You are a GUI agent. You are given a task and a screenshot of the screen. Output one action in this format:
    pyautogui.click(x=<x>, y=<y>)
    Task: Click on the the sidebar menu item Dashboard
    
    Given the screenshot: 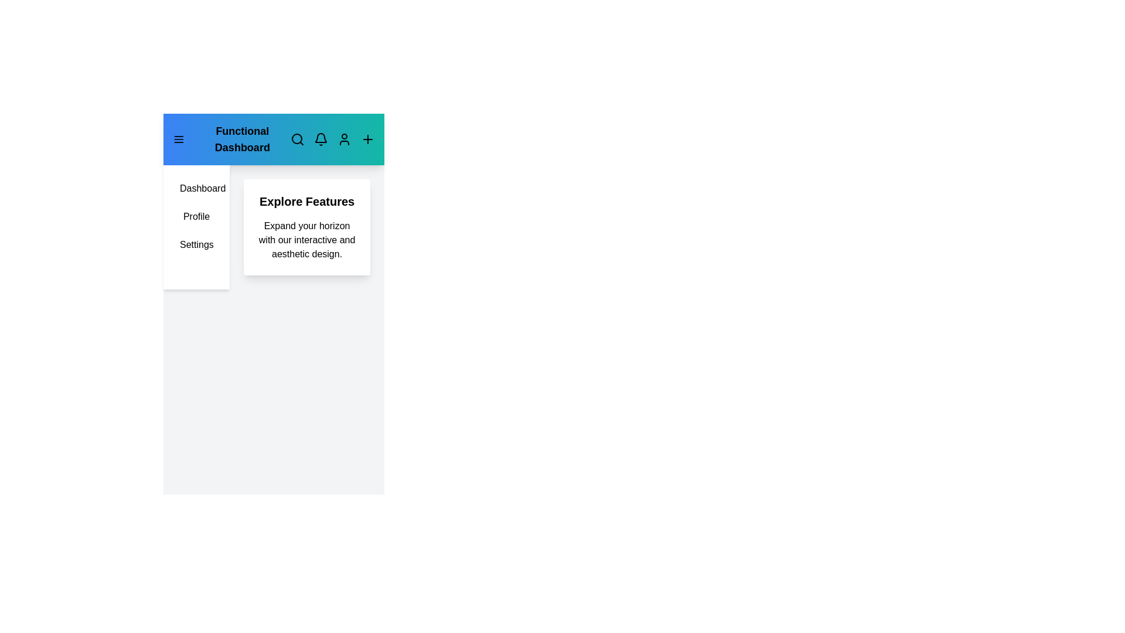 What is the action you would take?
    pyautogui.click(x=196, y=188)
    